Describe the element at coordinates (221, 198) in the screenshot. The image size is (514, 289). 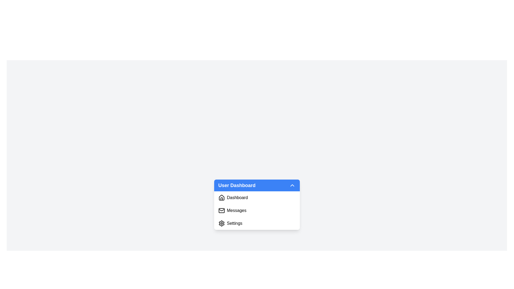
I see `the house icon representing the 'Dashboard' section within the dropdown menu titled 'User Dashboard'` at that location.